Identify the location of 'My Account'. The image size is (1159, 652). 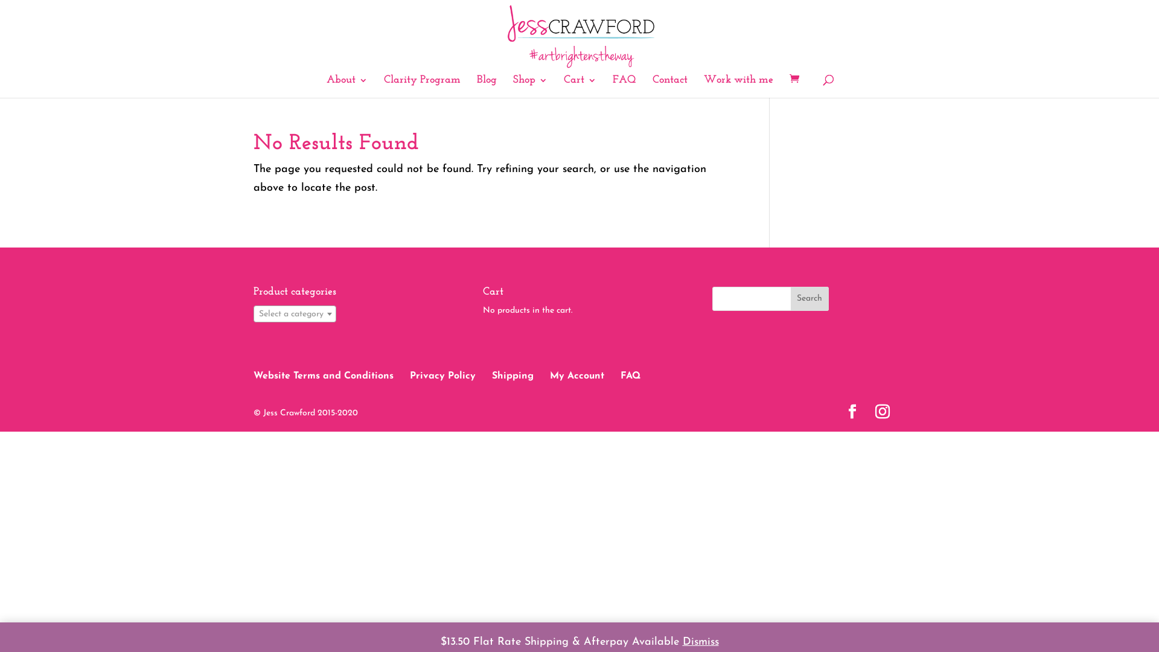
(576, 376).